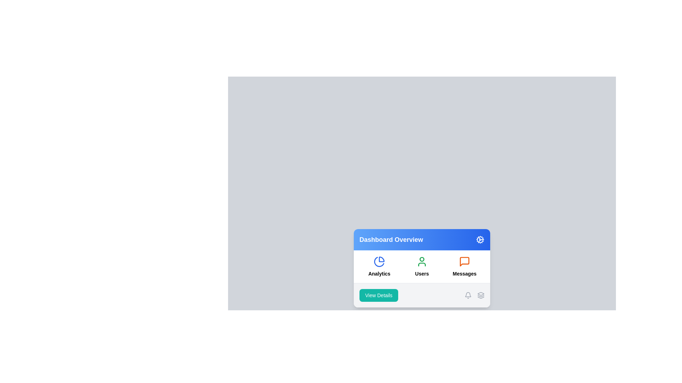 The width and height of the screenshot is (682, 383). I want to click on the analytics icon located in the top row of icons in the lower interface box, specifically to the leftmost side above the text 'Analytics', so click(379, 261).